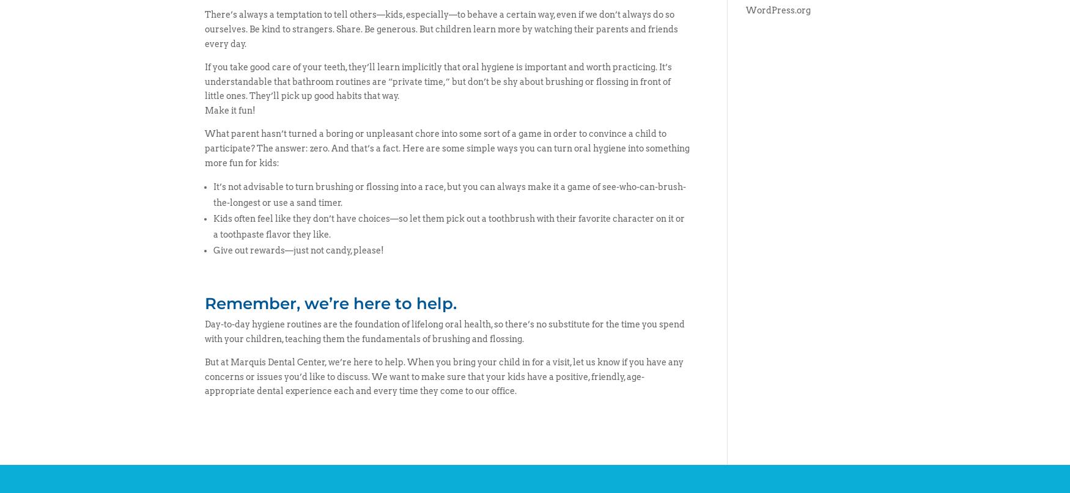 This screenshot has height=493, width=1070. Describe the element at coordinates (438, 80) in the screenshot. I see `'If you take good care of your teeth, they’ll learn implicitly that oral hygiene is important and worth practicing. It’s understandable that bathroom routines are “private time,” but don’t be shy about brushing or flossing in front of little ones. They’ll pick up good habits that way.'` at that location.